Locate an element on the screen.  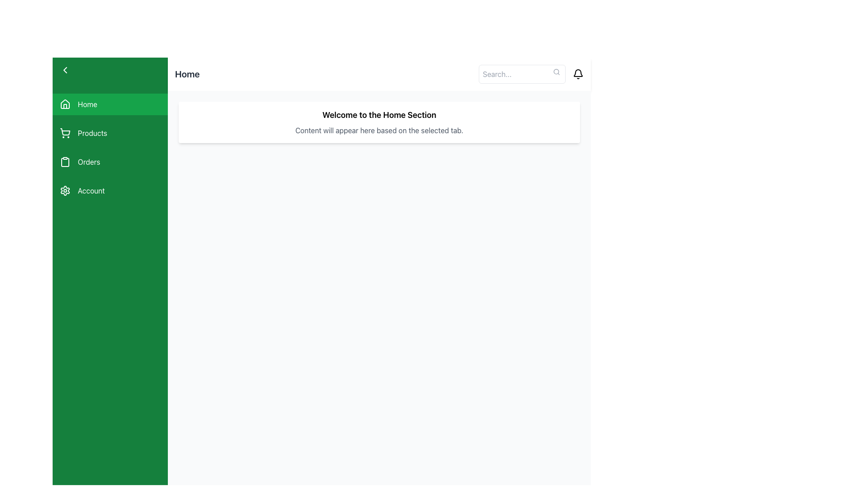
the central rectangular body of the shopping cart icon in the vertical navigation bar, which is the second icon after the 'Home' icon is located at coordinates (65, 132).